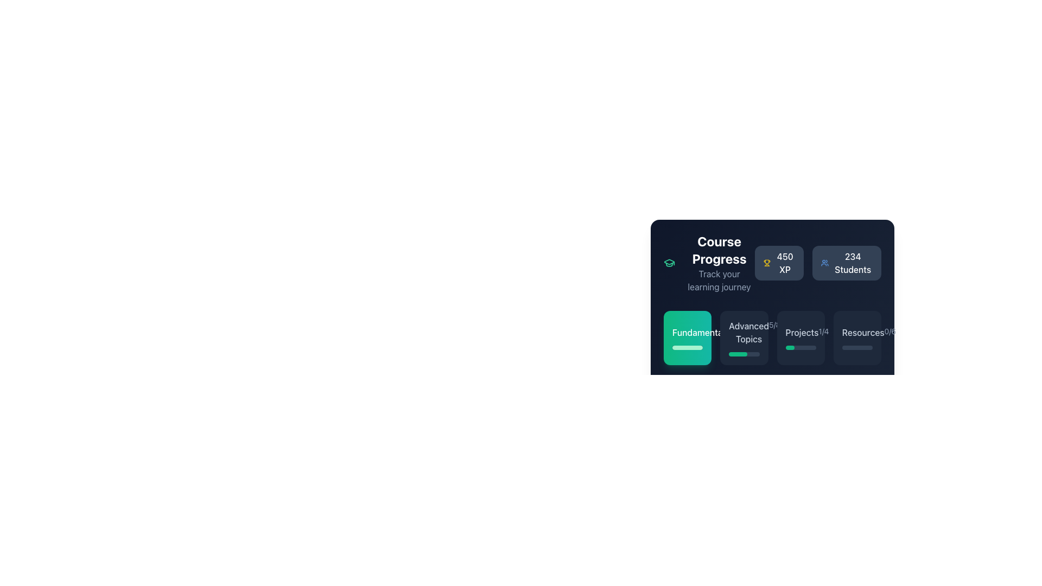 Image resolution: width=1042 pixels, height=586 pixels. What do you see at coordinates (744, 354) in the screenshot?
I see `visually represented Progress bar located within the 'Advanced Topics' card, which has a dark gray background and a vibrant green filled segment indicating 60% completion` at bounding box center [744, 354].